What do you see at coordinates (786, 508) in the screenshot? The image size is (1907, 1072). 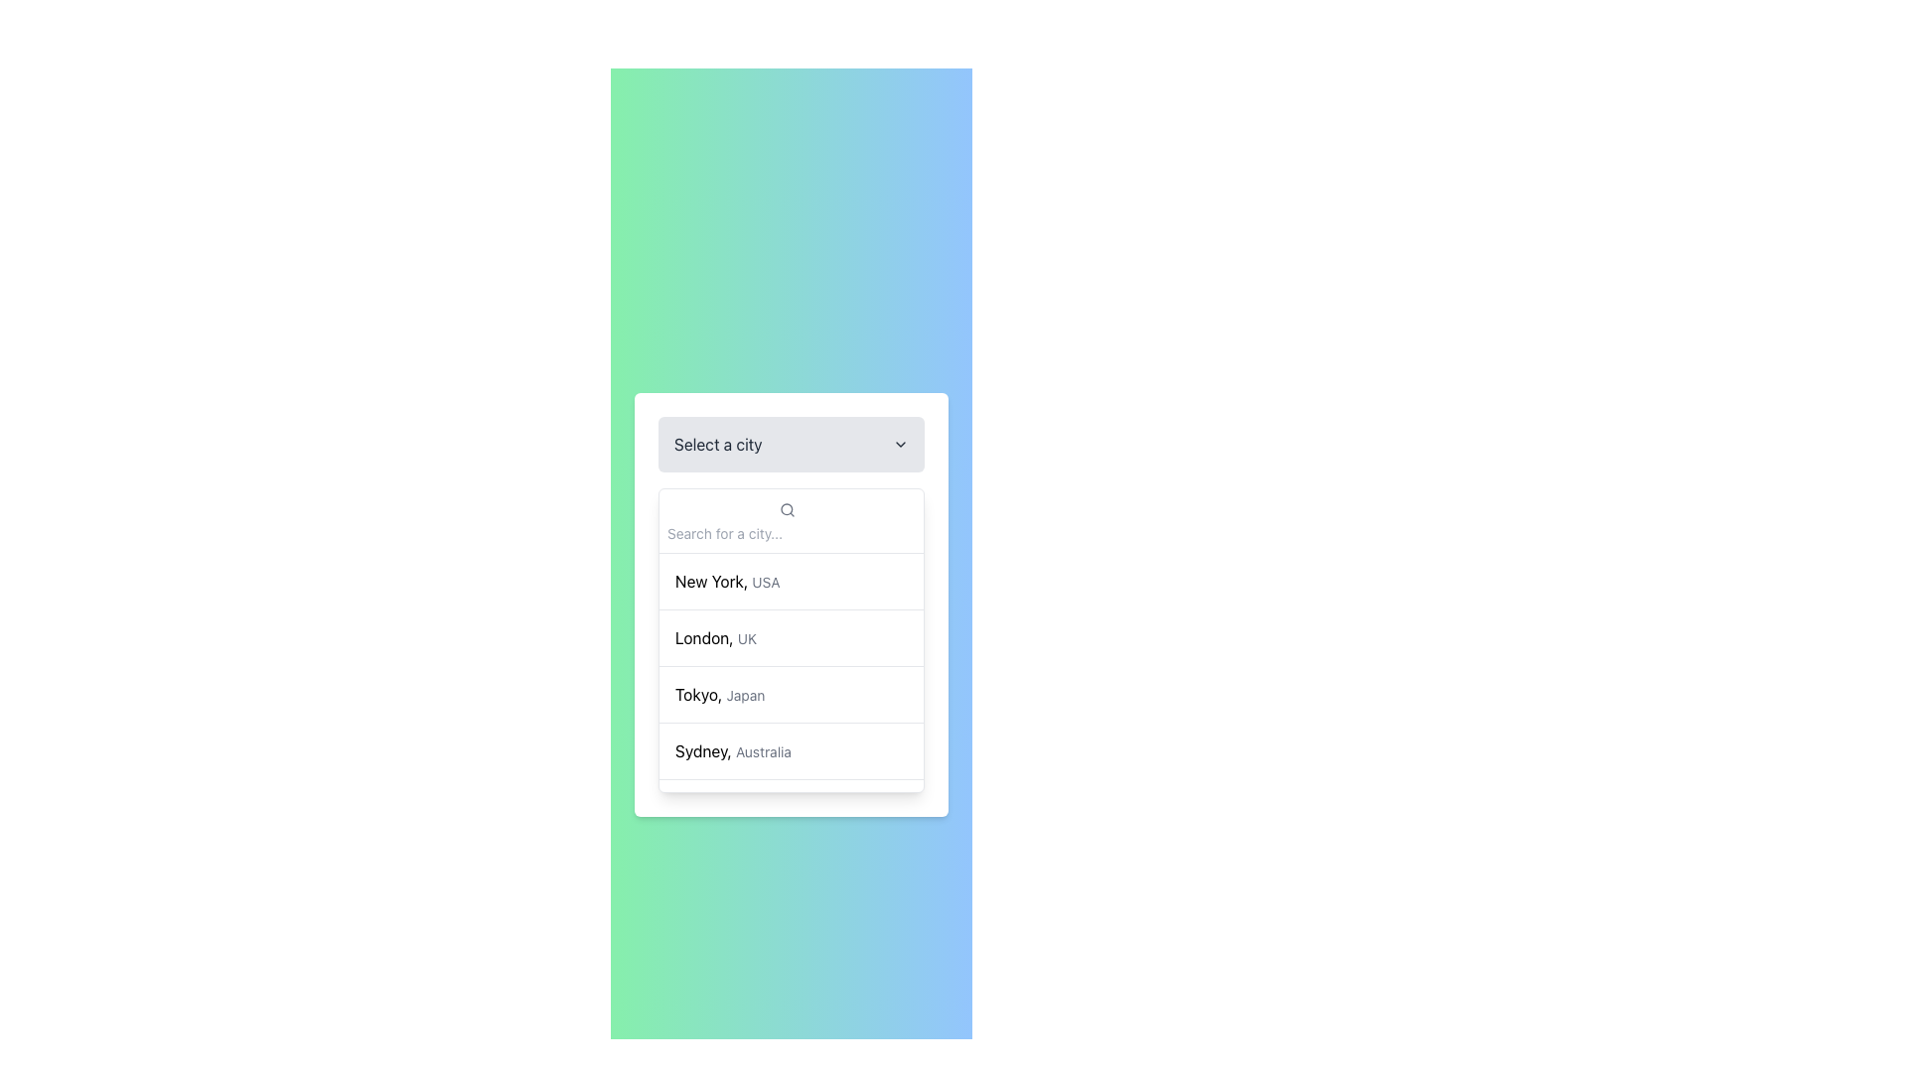 I see `the small magnifying glass icon located in the top-left corner of the input field labeled 'Search for a city...'` at bounding box center [786, 508].